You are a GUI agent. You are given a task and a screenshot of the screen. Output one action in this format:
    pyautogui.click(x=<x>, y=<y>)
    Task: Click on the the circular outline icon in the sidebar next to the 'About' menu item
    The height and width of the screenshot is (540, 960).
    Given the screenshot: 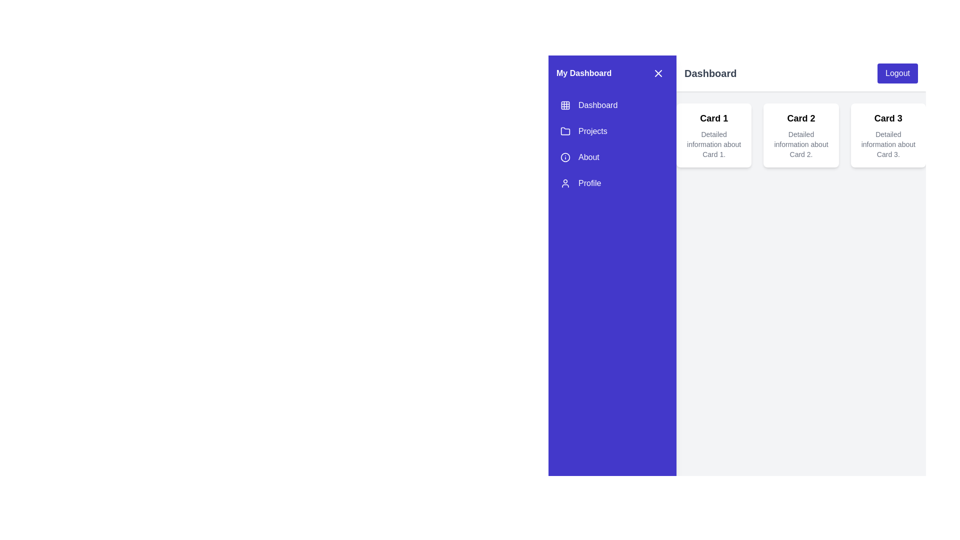 What is the action you would take?
    pyautogui.click(x=565, y=157)
    